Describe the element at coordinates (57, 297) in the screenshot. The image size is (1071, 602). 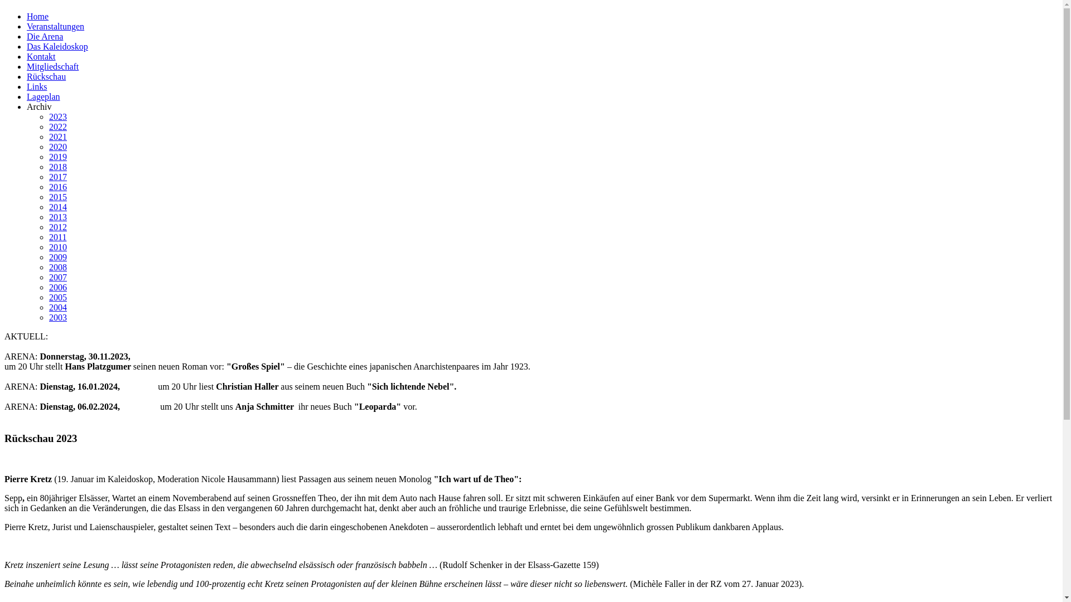
I see `'2005'` at that location.